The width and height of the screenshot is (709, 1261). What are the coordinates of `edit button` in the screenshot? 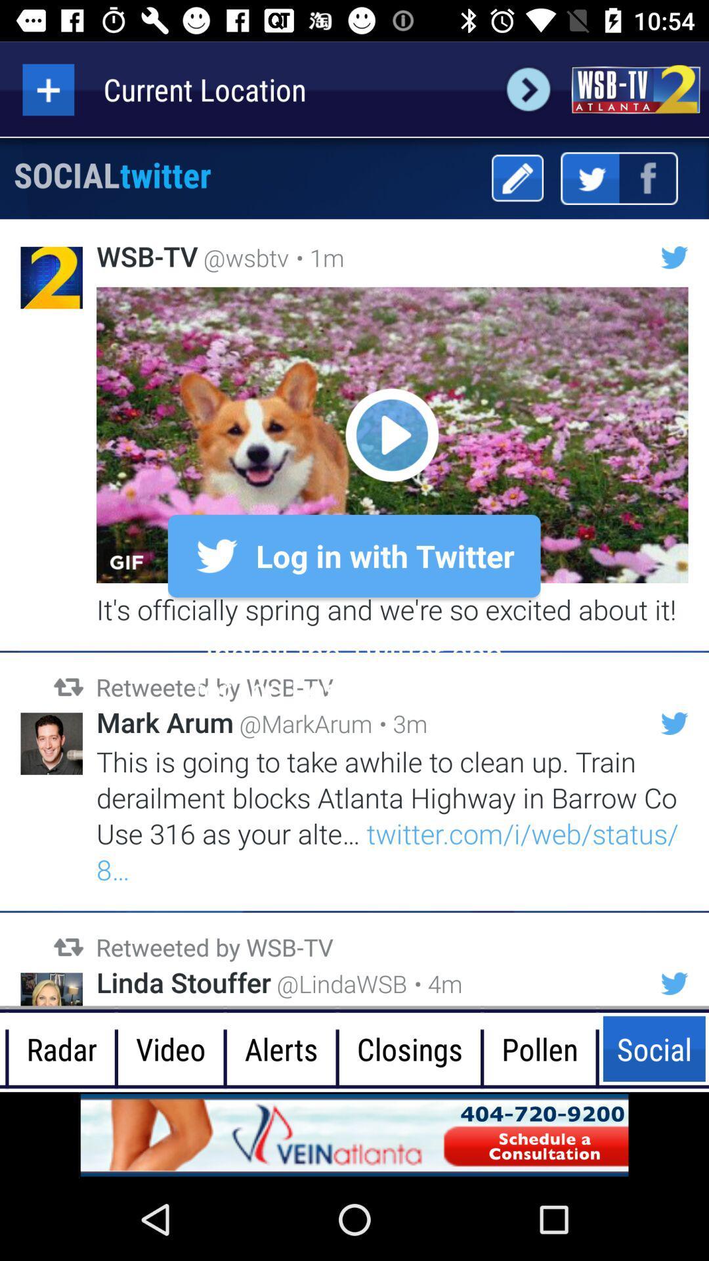 It's located at (517, 178).